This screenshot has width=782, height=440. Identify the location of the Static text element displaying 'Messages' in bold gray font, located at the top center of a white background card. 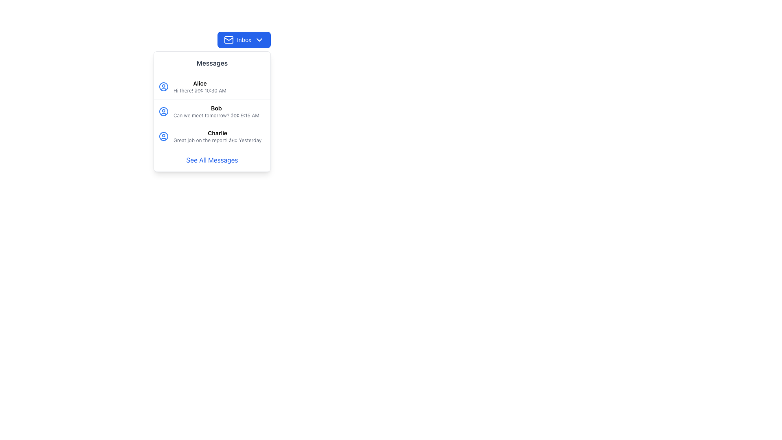
(212, 62).